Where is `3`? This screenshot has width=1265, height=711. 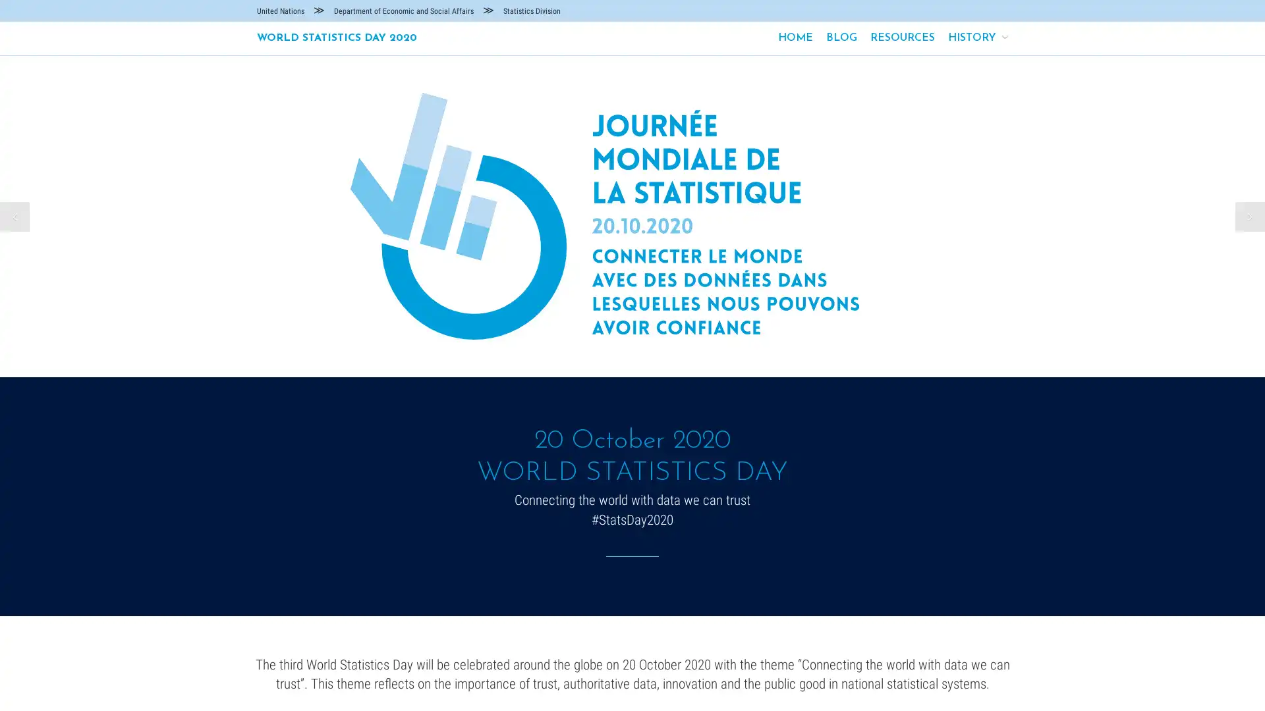 3 is located at coordinates (625, 352).